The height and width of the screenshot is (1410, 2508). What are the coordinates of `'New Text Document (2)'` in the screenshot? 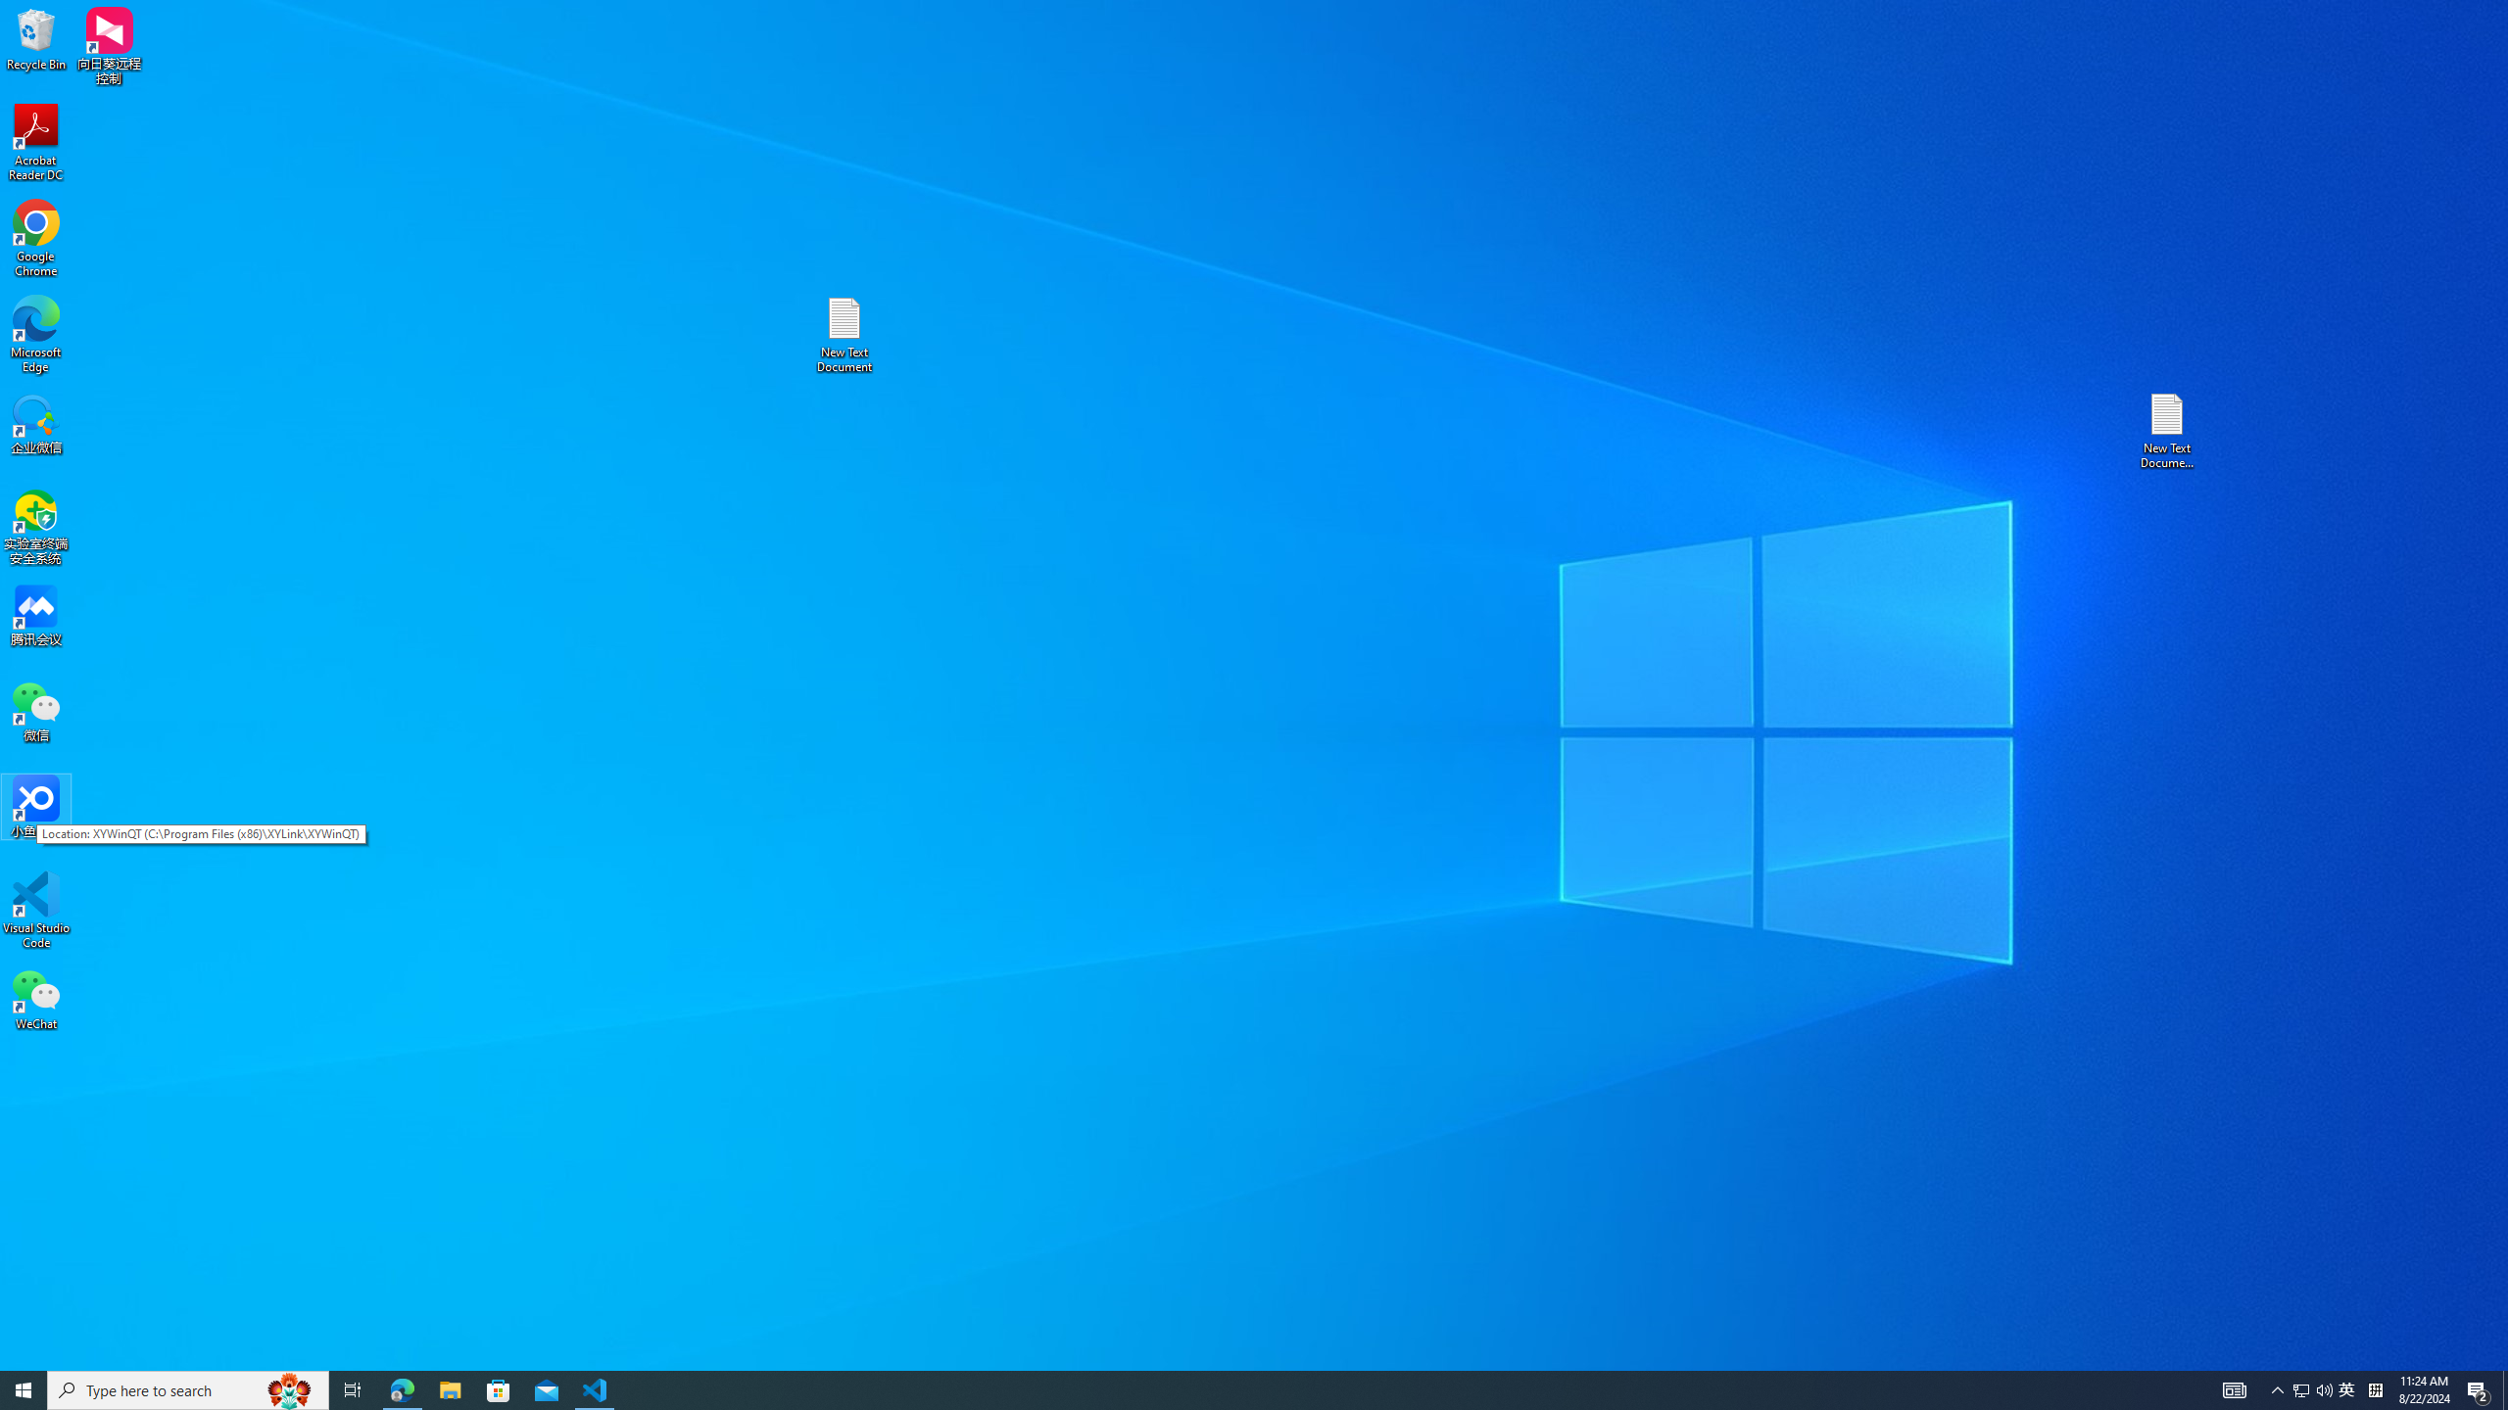 It's located at (2168, 429).